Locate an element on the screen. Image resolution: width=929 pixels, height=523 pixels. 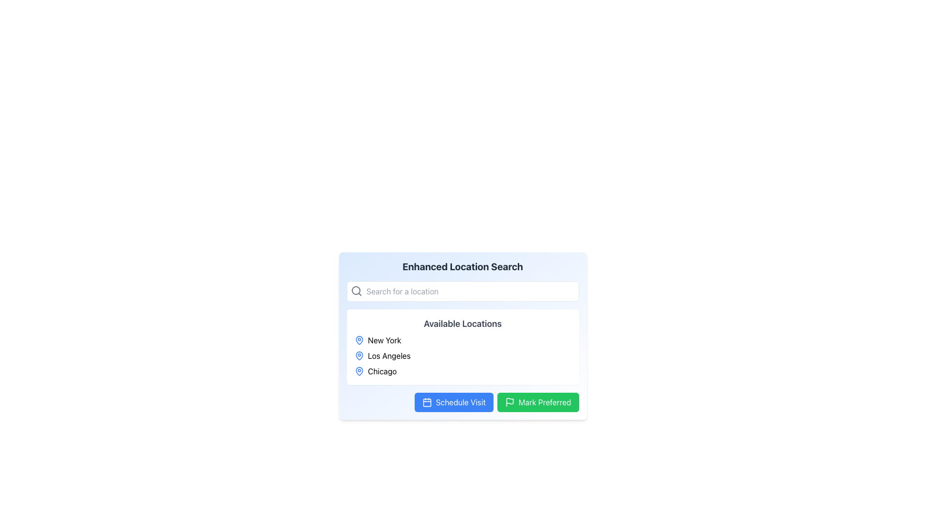
the marker icon for the geographical location label 'Chicago' in the 'Available Locations' section for accessibility purposes is located at coordinates (359, 371).